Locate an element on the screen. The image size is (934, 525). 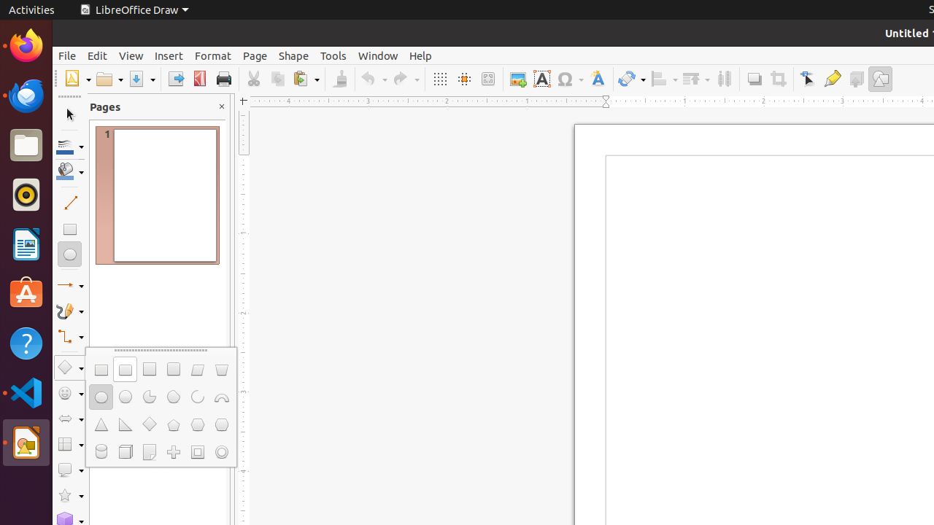
'File' is located at coordinates (66, 55).